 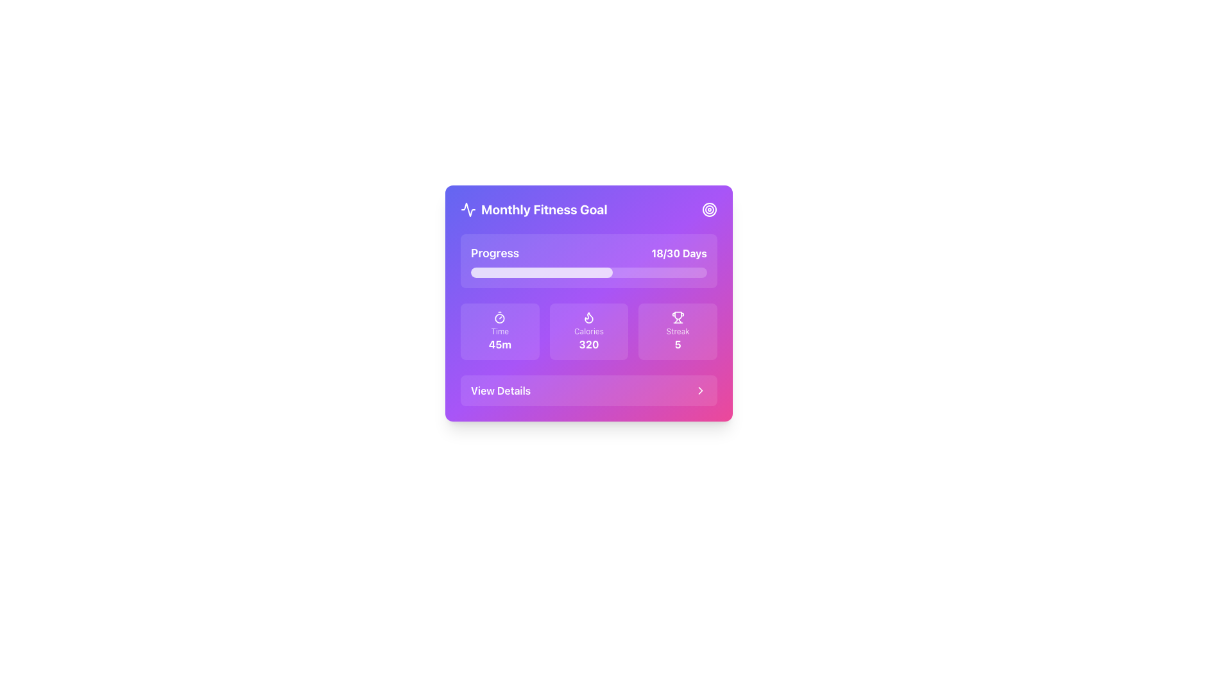 I want to click on the horizontal progress bar with a light purple background and 60% filled segment, located below the 'Progress' title and '18/30 Days' indicator, so click(x=588, y=271).